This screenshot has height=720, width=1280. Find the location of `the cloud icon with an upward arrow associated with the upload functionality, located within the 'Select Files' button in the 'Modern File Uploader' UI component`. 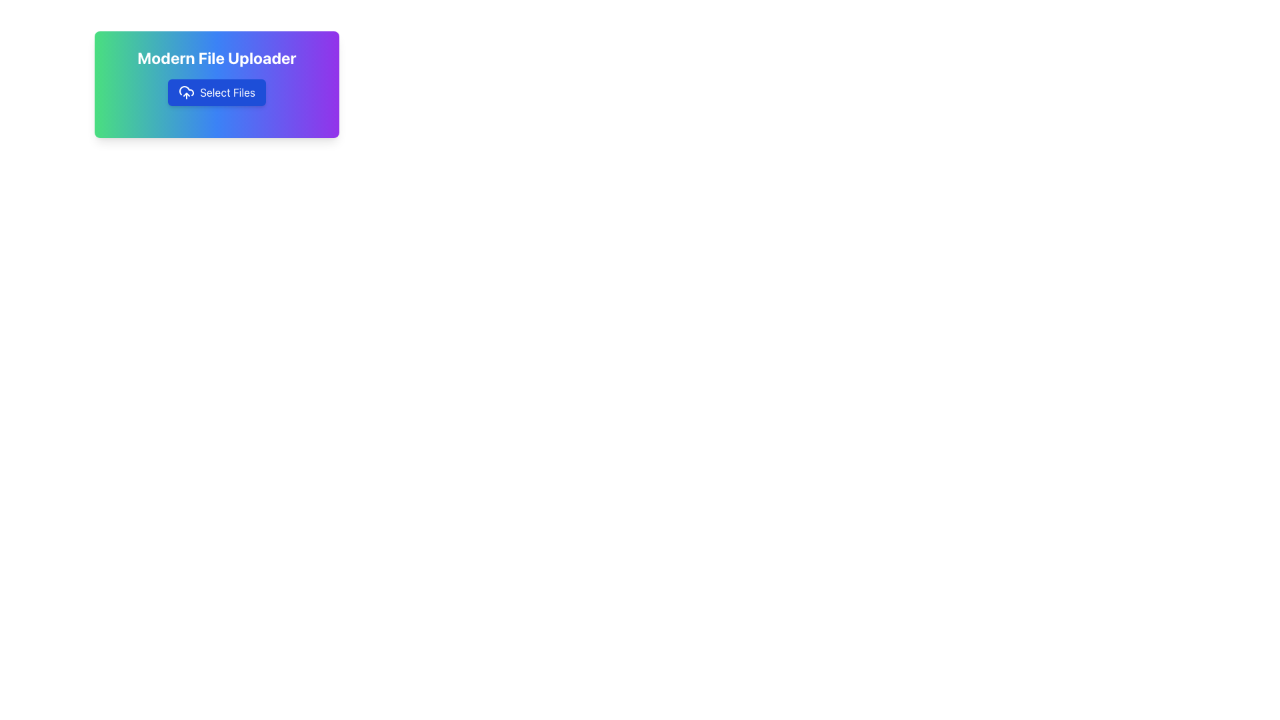

the cloud icon with an upward arrow associated with the upload functionality, located within the 'Select Files' button in the 'Modern File Uploader' UI component is located at coordinates (186, 91).